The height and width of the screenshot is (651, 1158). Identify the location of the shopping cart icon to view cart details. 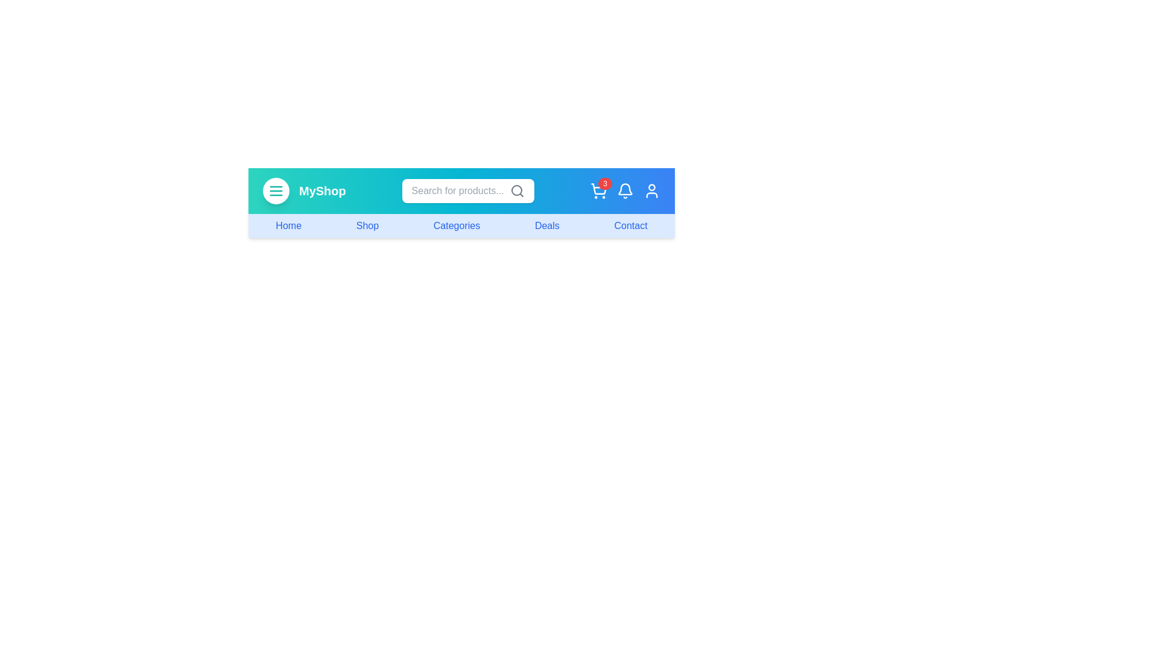
(599, 190).